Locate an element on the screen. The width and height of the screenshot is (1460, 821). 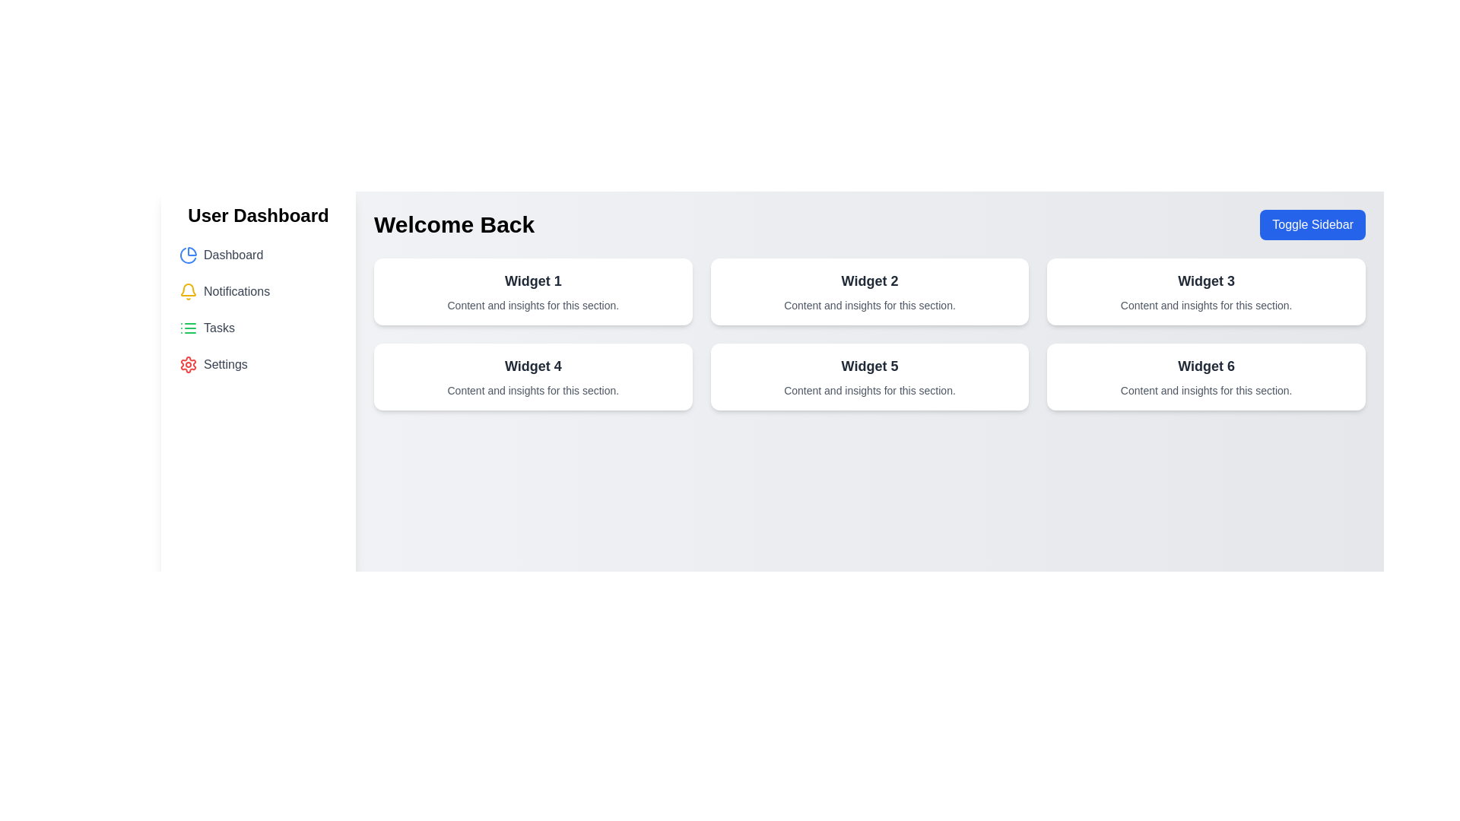
the bold, large-sized text label displaying 'Widget 2' for accessibility readers, located at the top of the second widget in the first row of the grid layout is located at coordinates (869, 281).